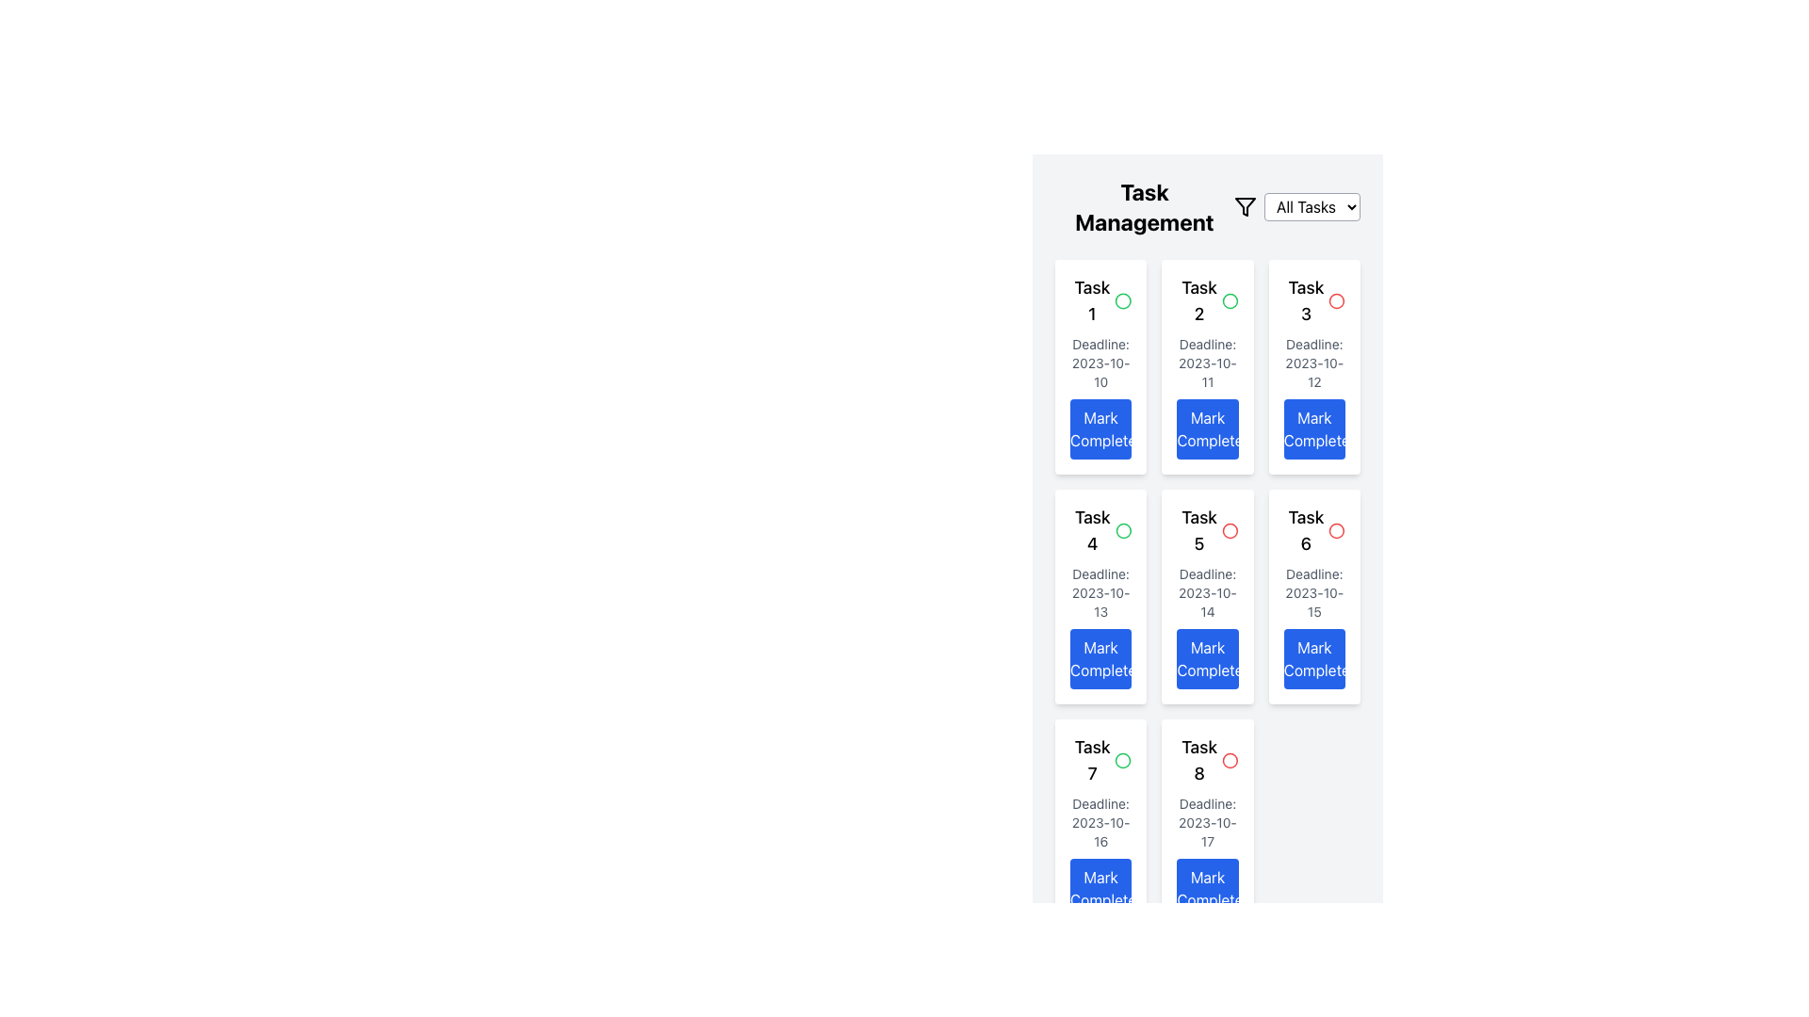 The width and height of the screenshot is (1809, 1017). I want to click on the first Task card component in the Task Management section to potentially reveal additional details, so click(1100, 366).